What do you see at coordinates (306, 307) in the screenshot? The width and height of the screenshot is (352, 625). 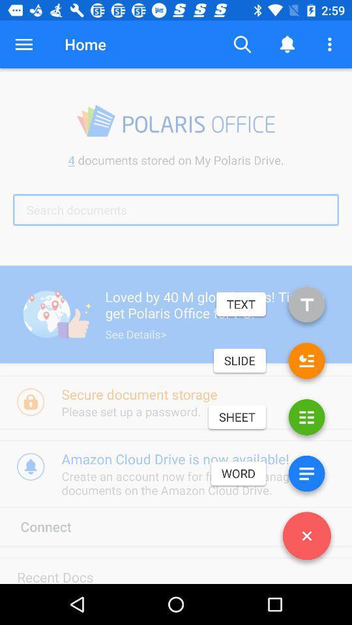 I see `the icon below search documents item` at bounding box center [306, 307].